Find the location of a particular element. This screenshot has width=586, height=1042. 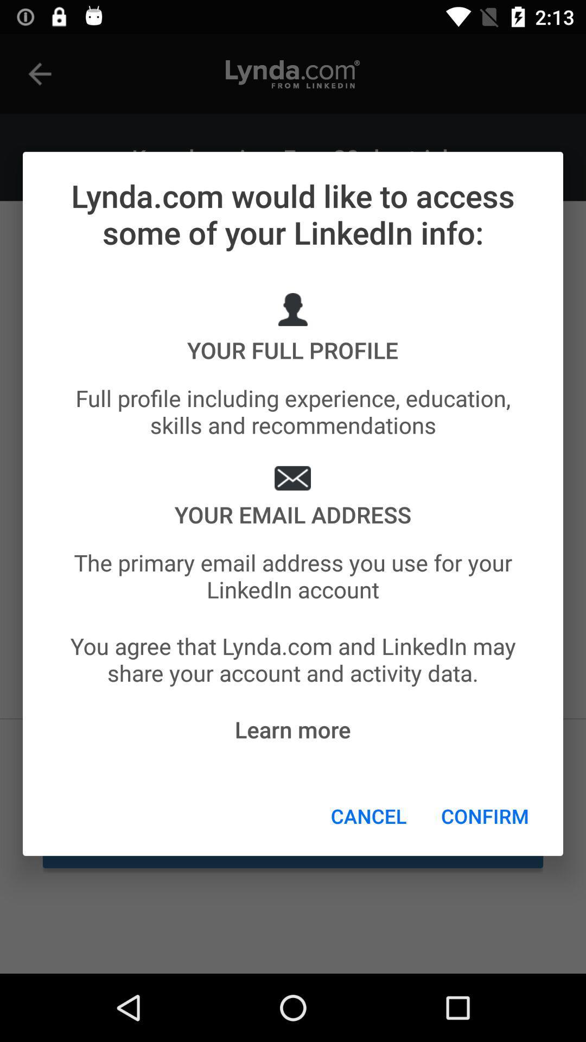

cancel icon is located at coordinates (368, 816).